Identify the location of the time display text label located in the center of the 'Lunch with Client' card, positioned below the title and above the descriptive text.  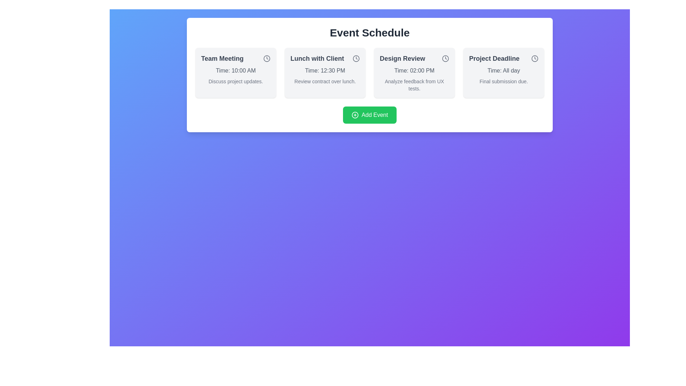
(325, 70).